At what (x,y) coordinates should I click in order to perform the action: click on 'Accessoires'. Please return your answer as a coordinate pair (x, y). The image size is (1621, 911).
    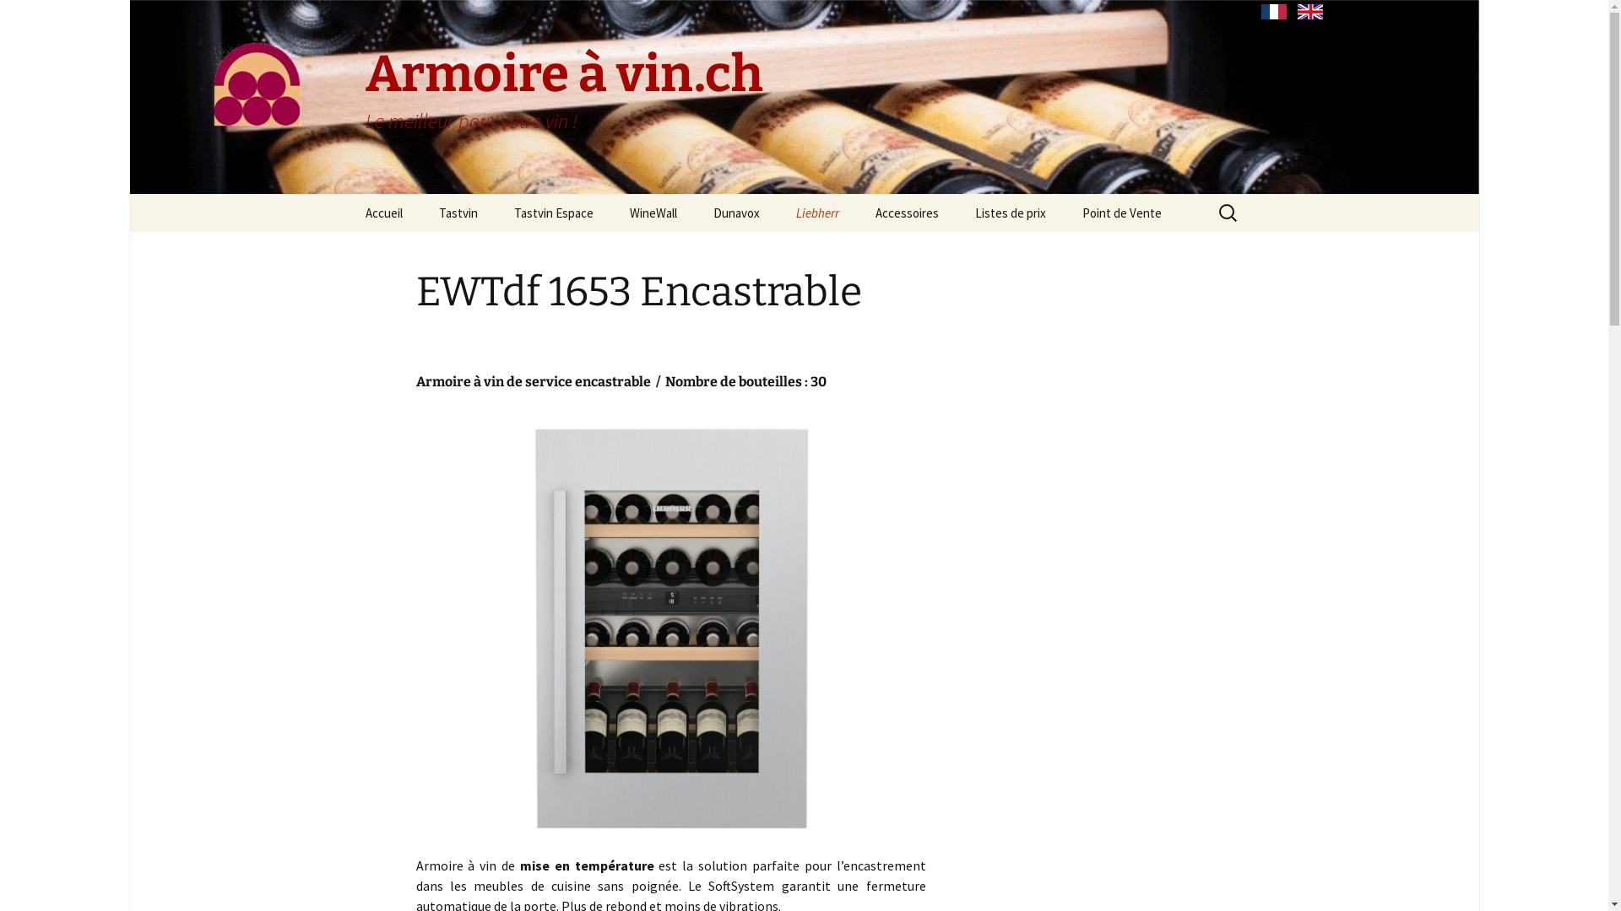
    Looking at the image, I should click on (905, 212).